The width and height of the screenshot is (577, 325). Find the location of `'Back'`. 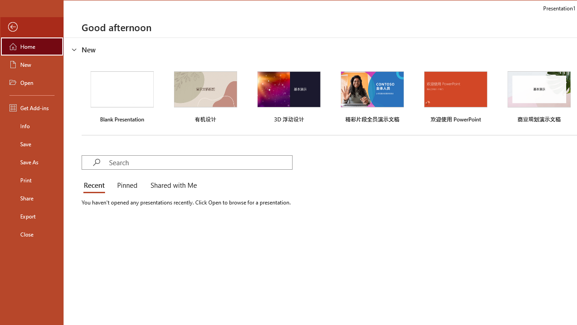

'Back' is located at coordinates (32, 27).